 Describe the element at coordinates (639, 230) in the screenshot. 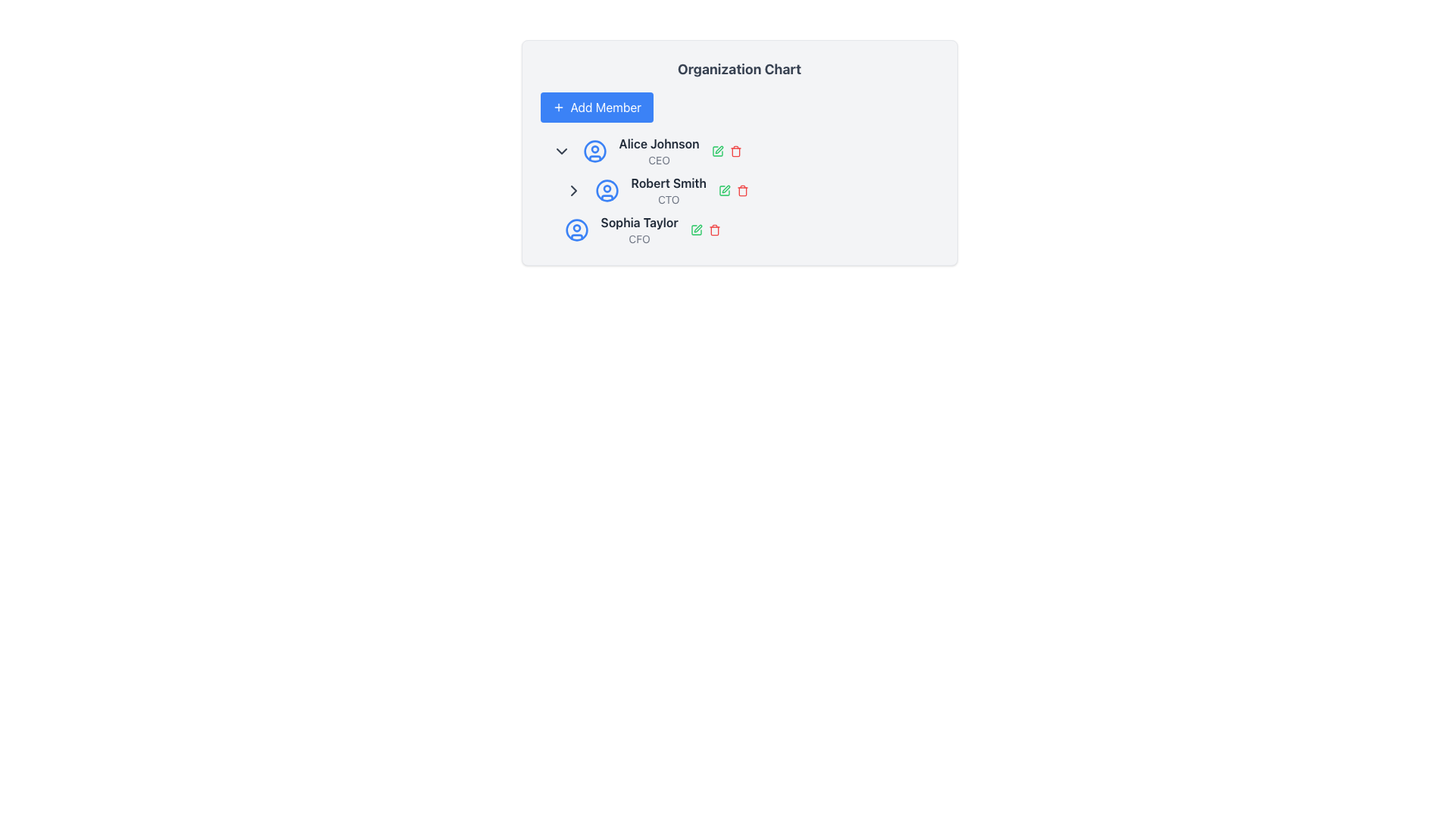

I see `text of the label displaying the name and designation of the individual in the organizational chart, which is the third entry below 'Robert Smith'` at that location.